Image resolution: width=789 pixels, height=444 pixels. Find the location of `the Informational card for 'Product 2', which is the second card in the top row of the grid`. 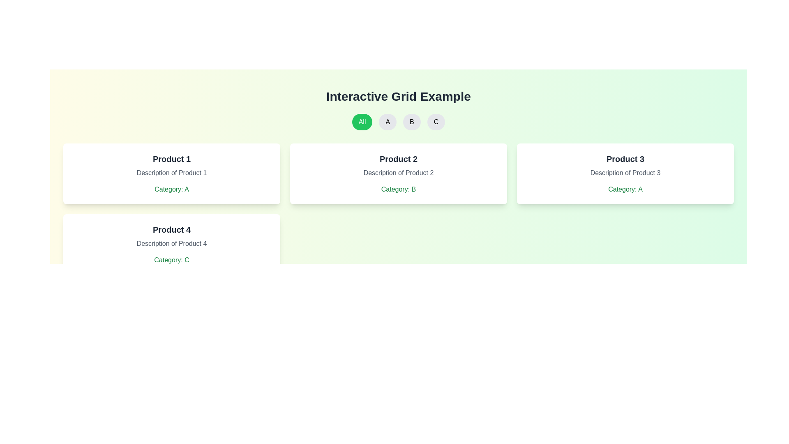

the Informational card for 'Product 2', which is the second card in the top row of the grid is located at coordinates (398, 173).